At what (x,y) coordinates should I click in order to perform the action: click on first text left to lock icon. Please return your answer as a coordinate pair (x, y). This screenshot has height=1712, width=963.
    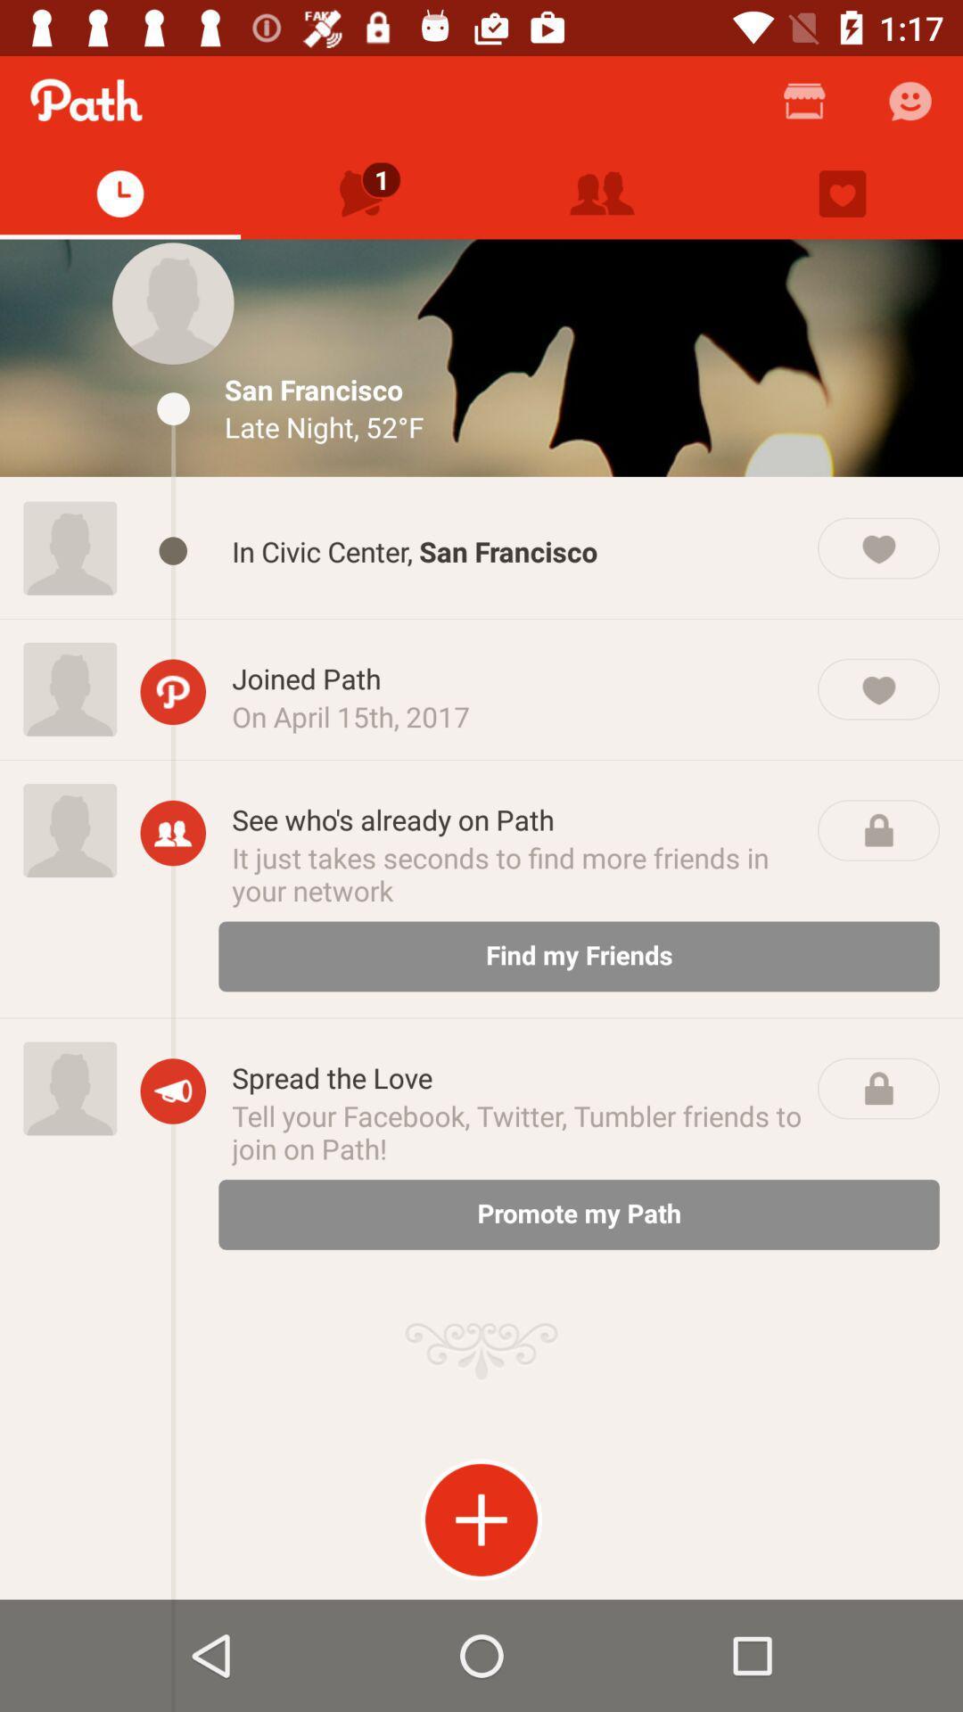
    Looking at the image, I should click on (518, 819).